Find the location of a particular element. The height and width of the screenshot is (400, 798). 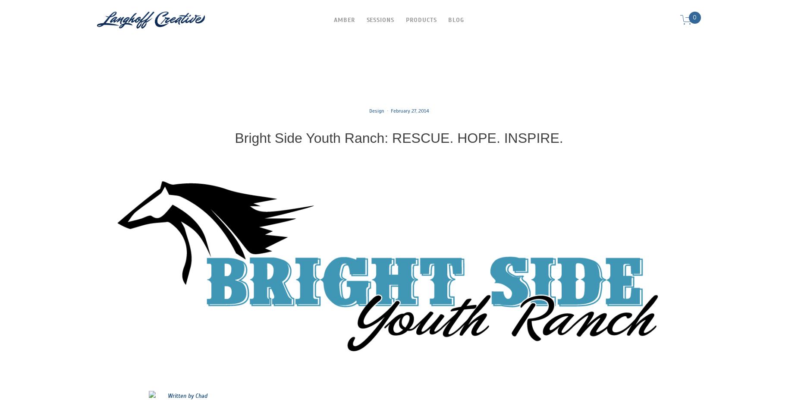

'February 27, 2014' is located at coordinates (409, 110).